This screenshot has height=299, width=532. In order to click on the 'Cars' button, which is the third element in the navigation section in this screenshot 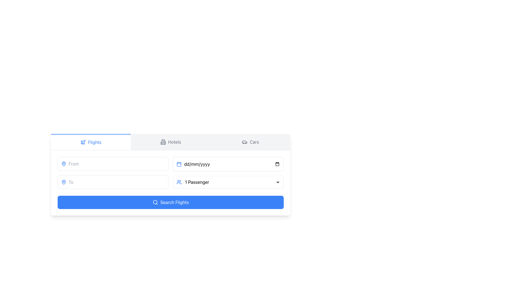, I will do `click(250, 142)`.